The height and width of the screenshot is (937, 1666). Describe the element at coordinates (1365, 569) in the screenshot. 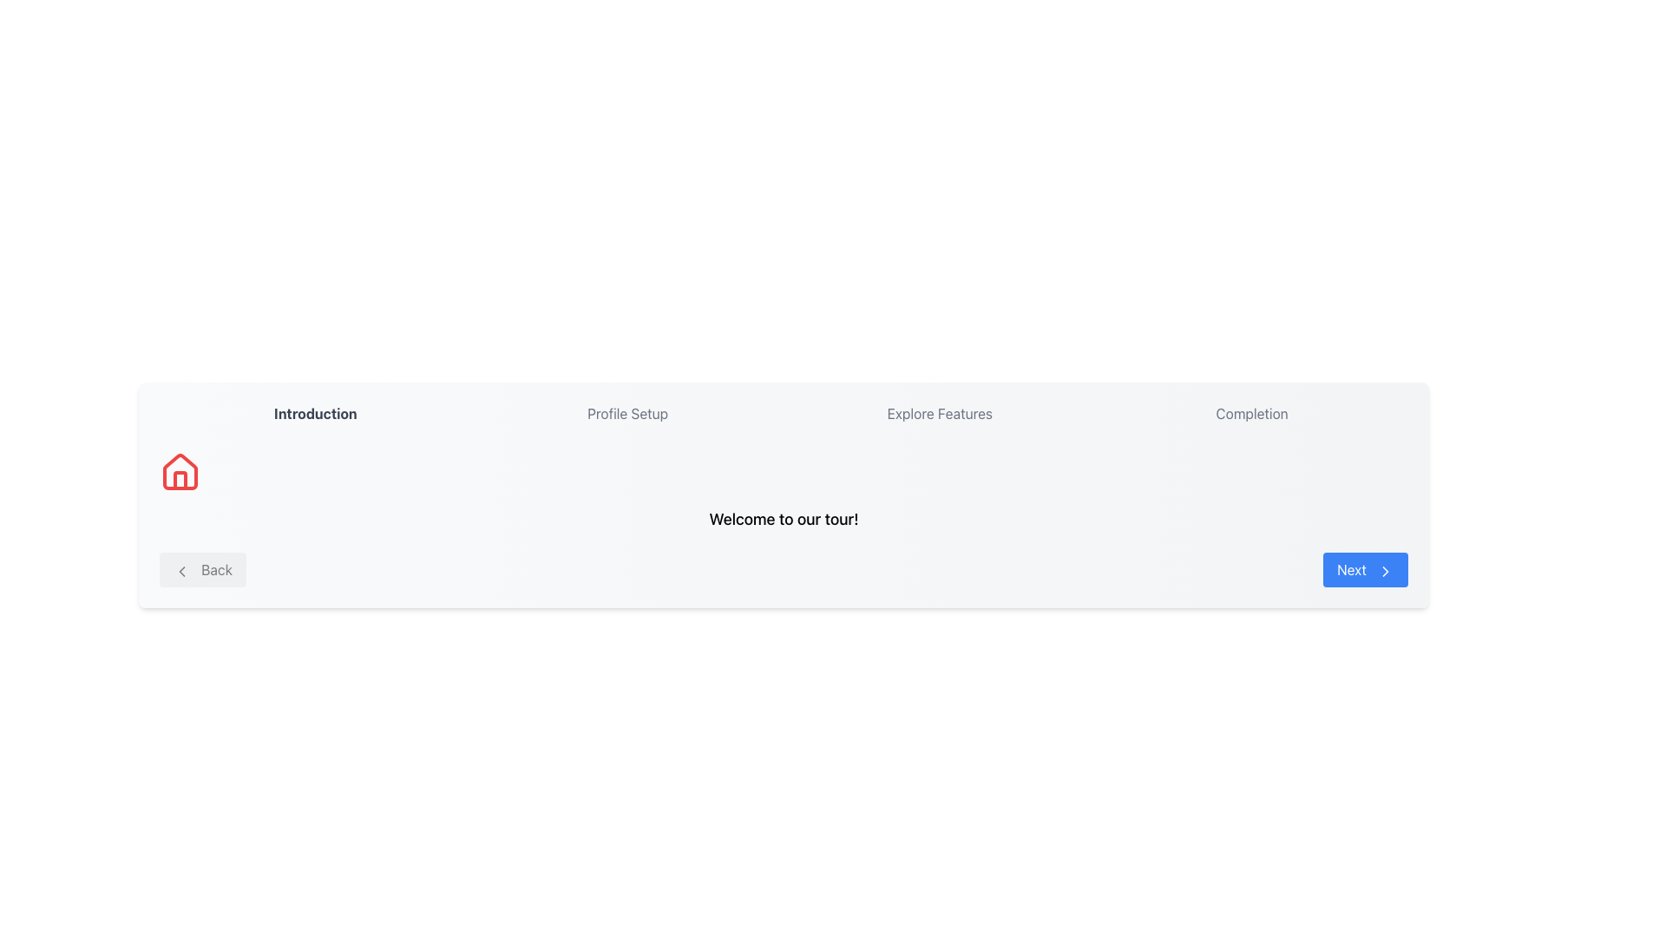

I see `the navigation button located at the bottom-right corner of the interface` at that location.